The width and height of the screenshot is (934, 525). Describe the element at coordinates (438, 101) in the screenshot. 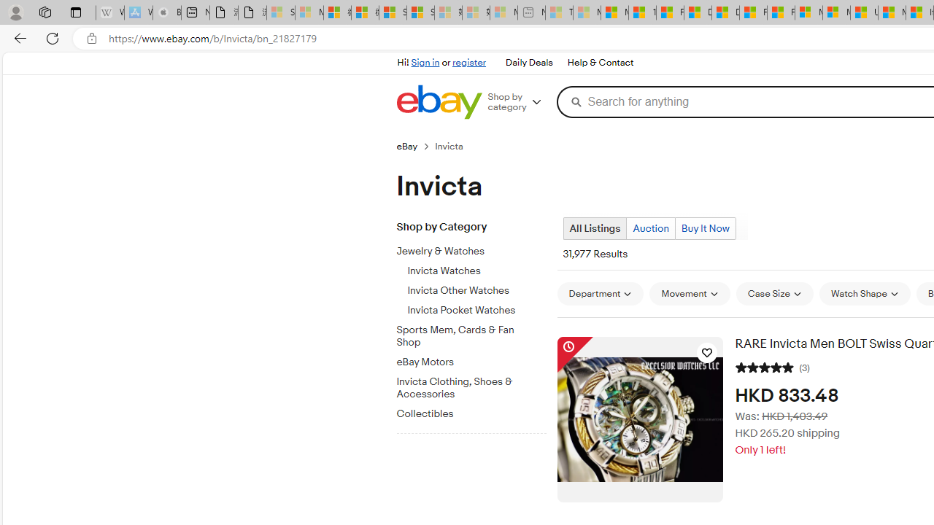

I see `'eBay Home'` at that location.